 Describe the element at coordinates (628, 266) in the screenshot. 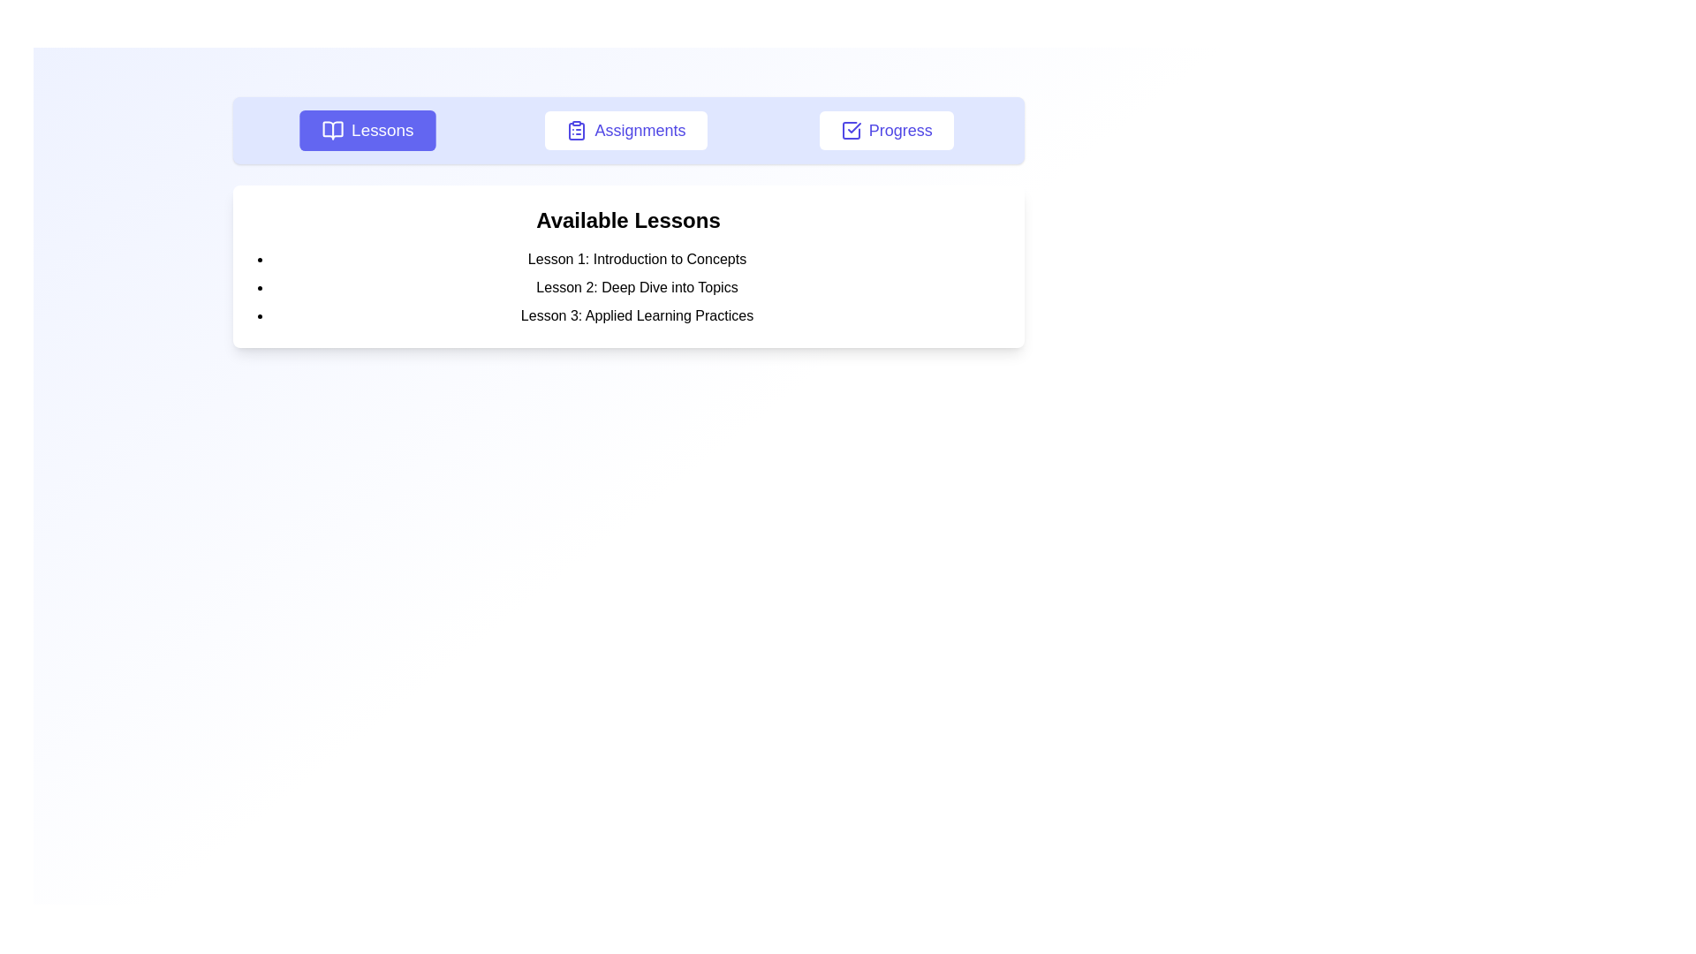

I see `the text block that displays the title and list of lesson names, located beneath the navigation bar and contained within a white box with rounded corners` at that location.